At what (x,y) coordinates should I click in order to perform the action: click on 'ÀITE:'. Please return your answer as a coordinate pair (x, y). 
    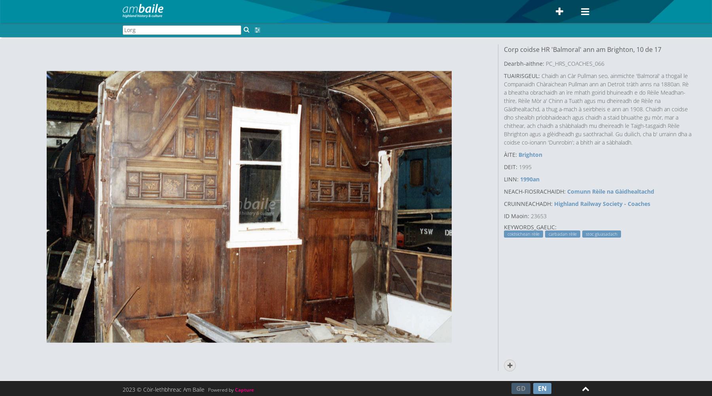
    Looking at the image, I should click on (510, 154).